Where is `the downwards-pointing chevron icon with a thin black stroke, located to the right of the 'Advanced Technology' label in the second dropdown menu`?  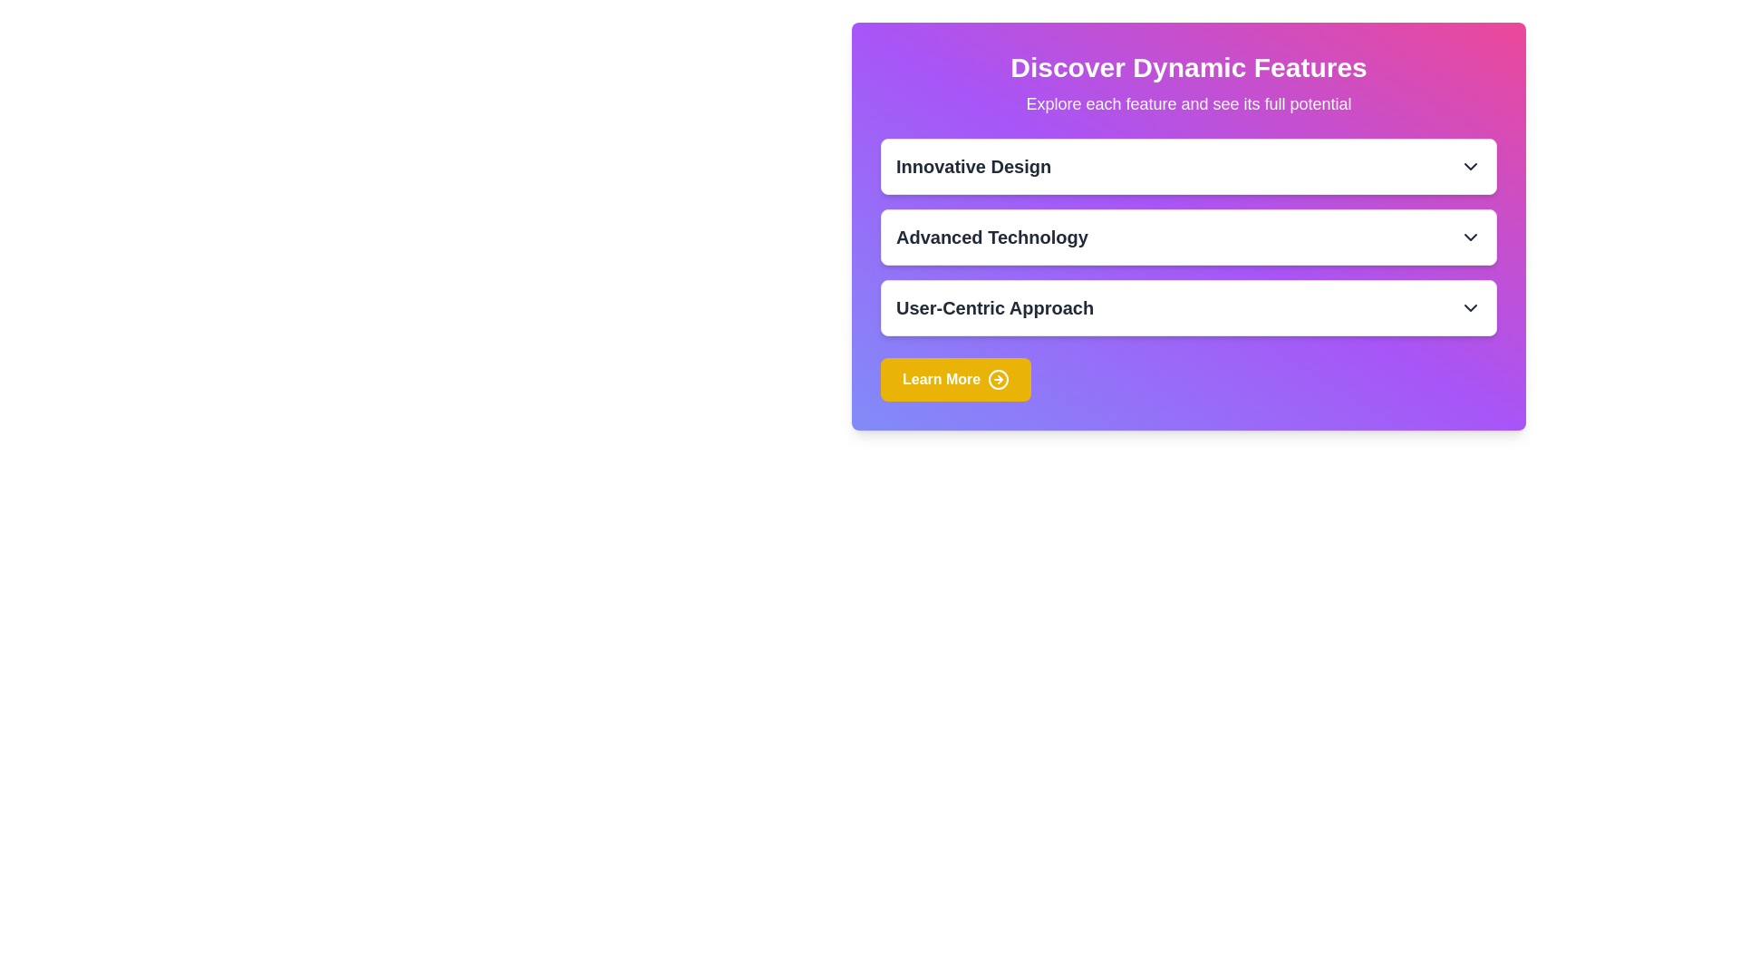 the downwards-pointing chevron icon with a thin black stroke, located to the right of the 'Advanced Technology' label in the second dropdown menu is located at coordinates (1470, 237).